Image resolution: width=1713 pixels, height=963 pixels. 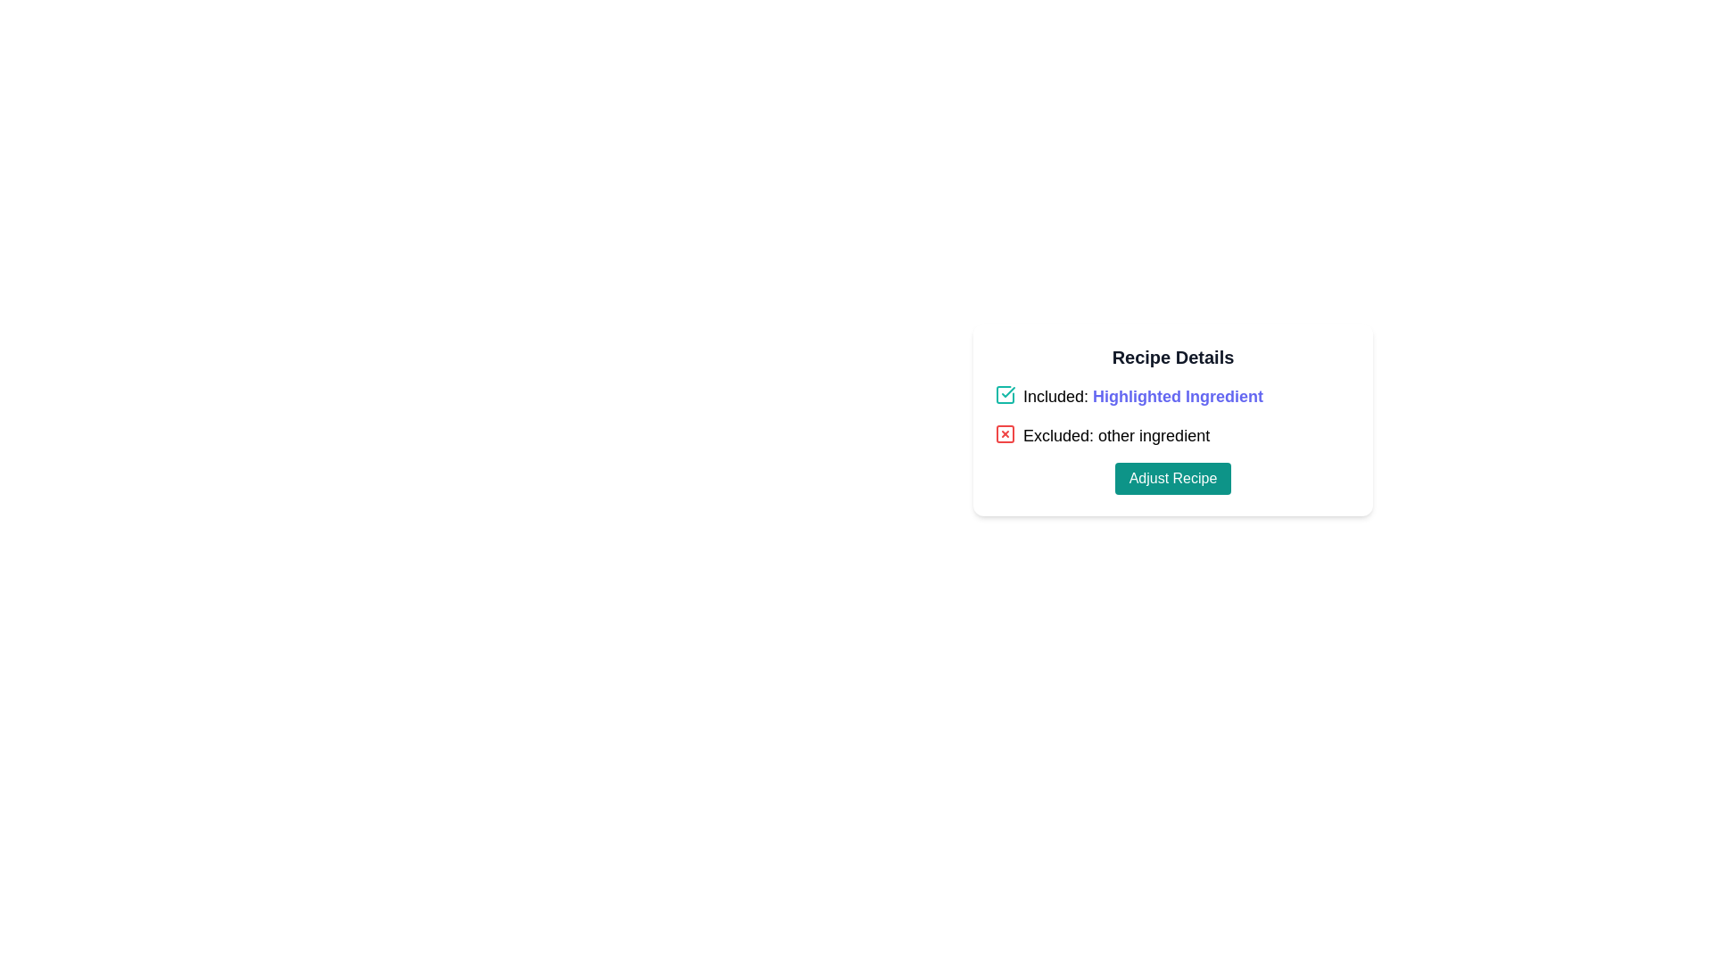 What do you see at coordinates (1173, 436) in the screenshot?
I see `the Label with icon indicating that 'other ingredient' has been excluded from the ingredient list, positioned below 'Included: Highlighted Ingredient' and above the 'Adjust Recipe' button` at bounding box center [1173, 436].